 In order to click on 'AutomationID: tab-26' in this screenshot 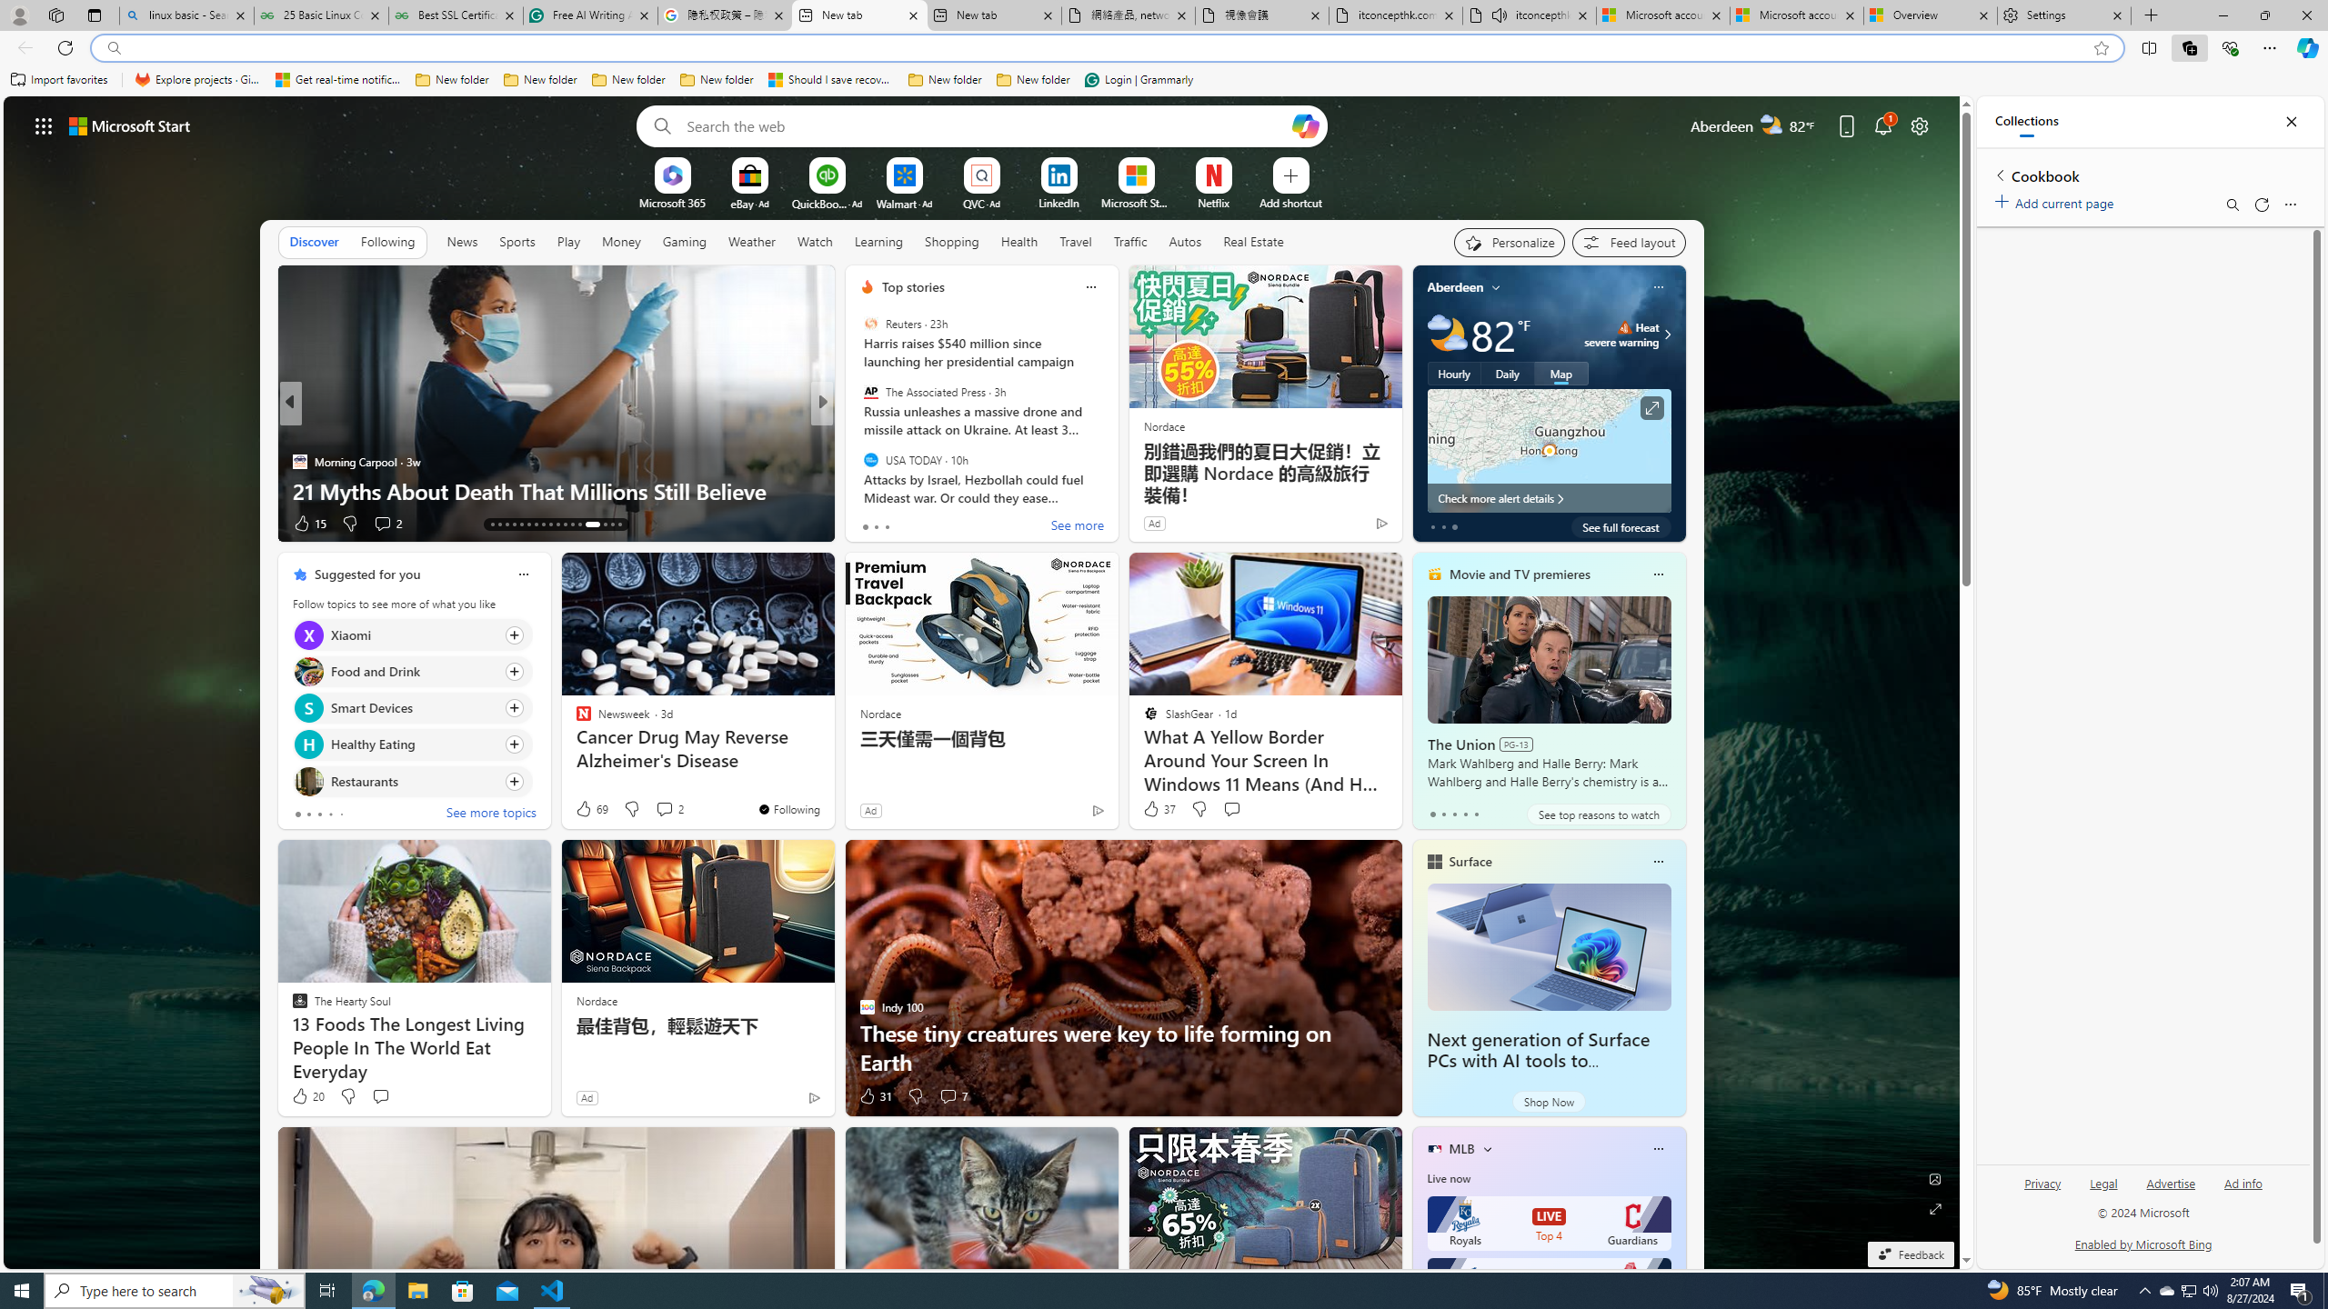, I will do `click(586, 525)`.